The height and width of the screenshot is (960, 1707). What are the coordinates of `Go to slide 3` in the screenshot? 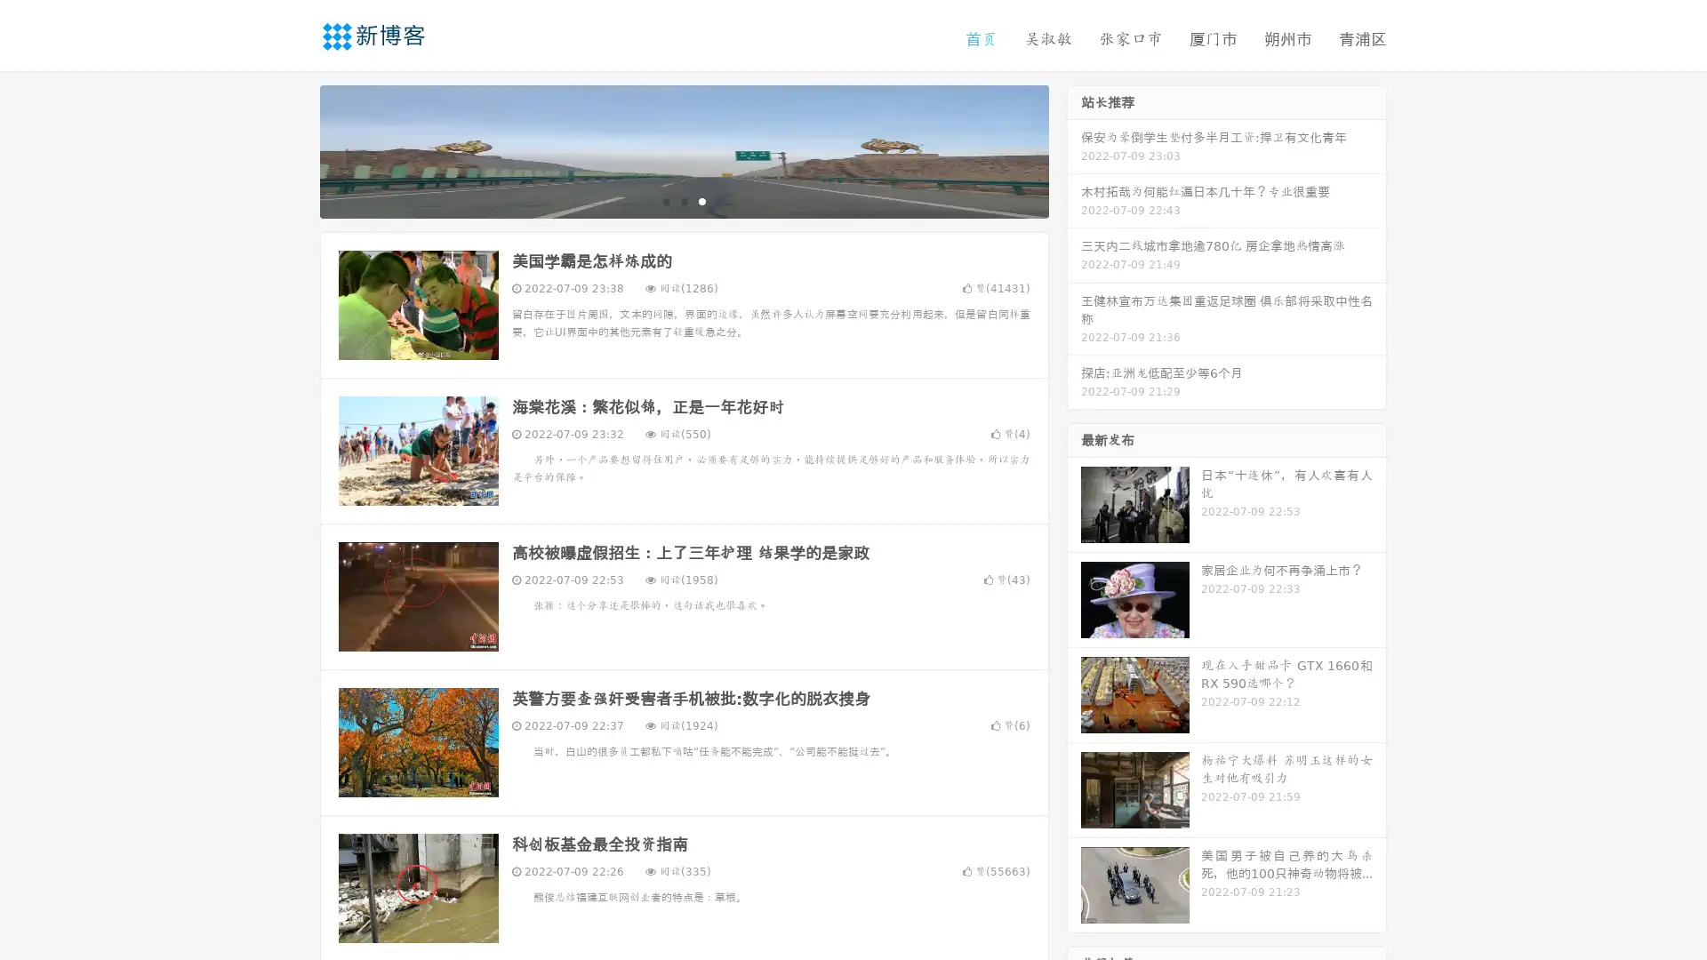 It's located at (701, 200).